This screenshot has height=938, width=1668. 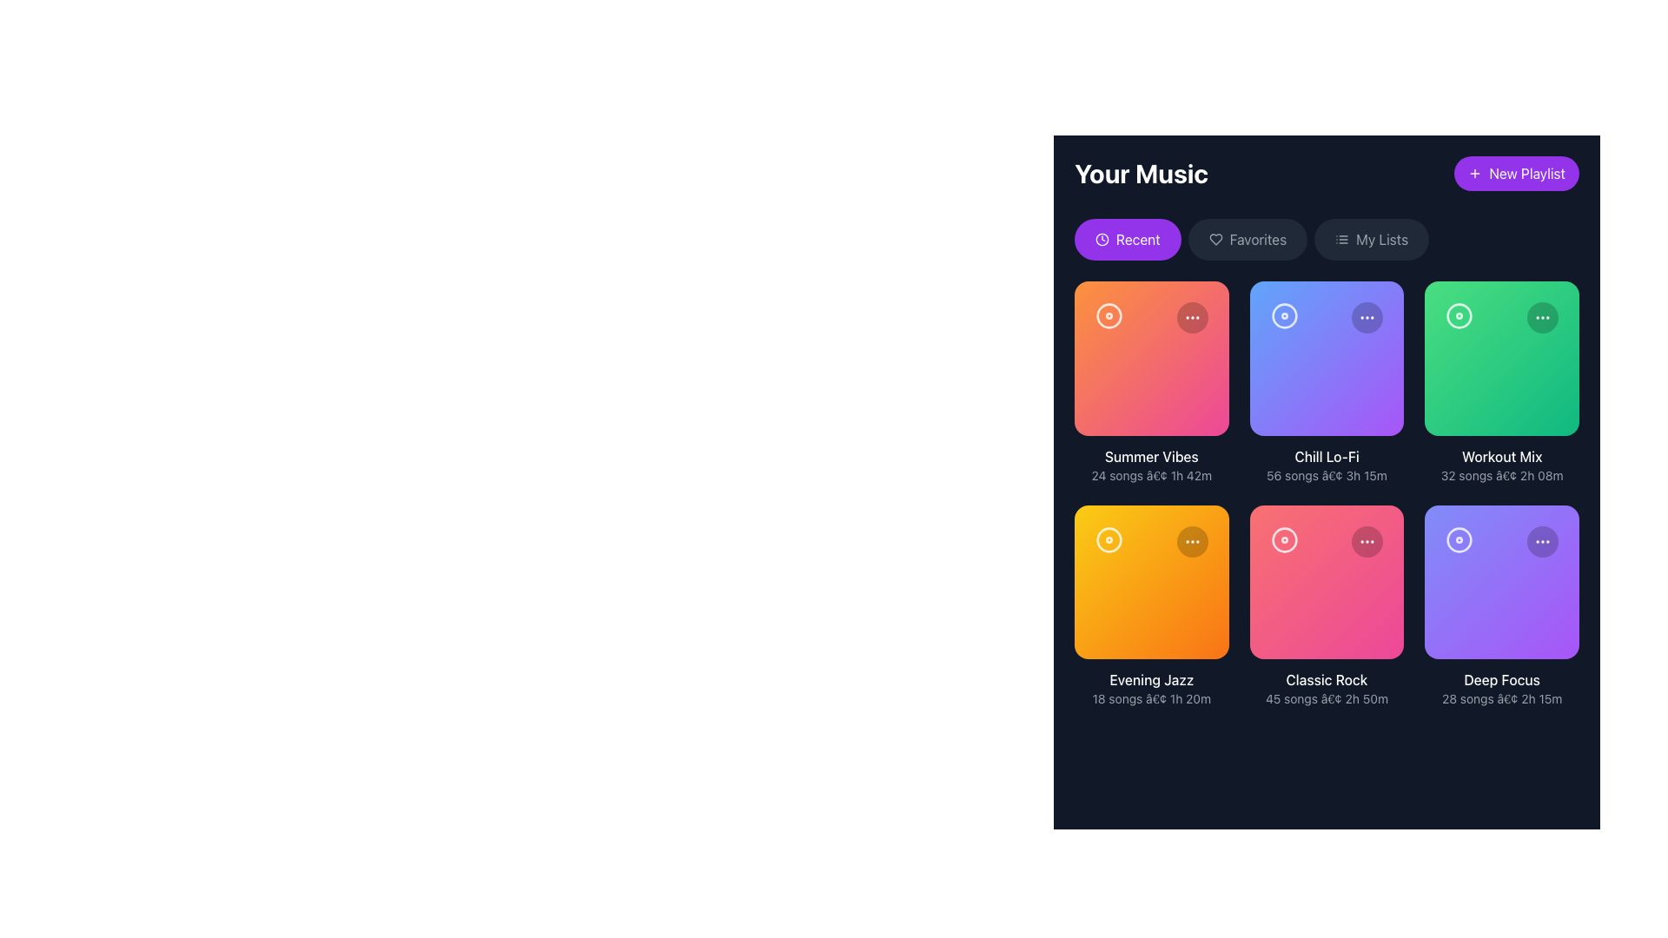 What do you see at coordinates (1326, 464) in the screenshot?
I see `the informative text block displaying the 'Chill Lo-Fi' playlist, which is centrally located in its cell in the grid of playlist items` at bounding box center [1326, 464].